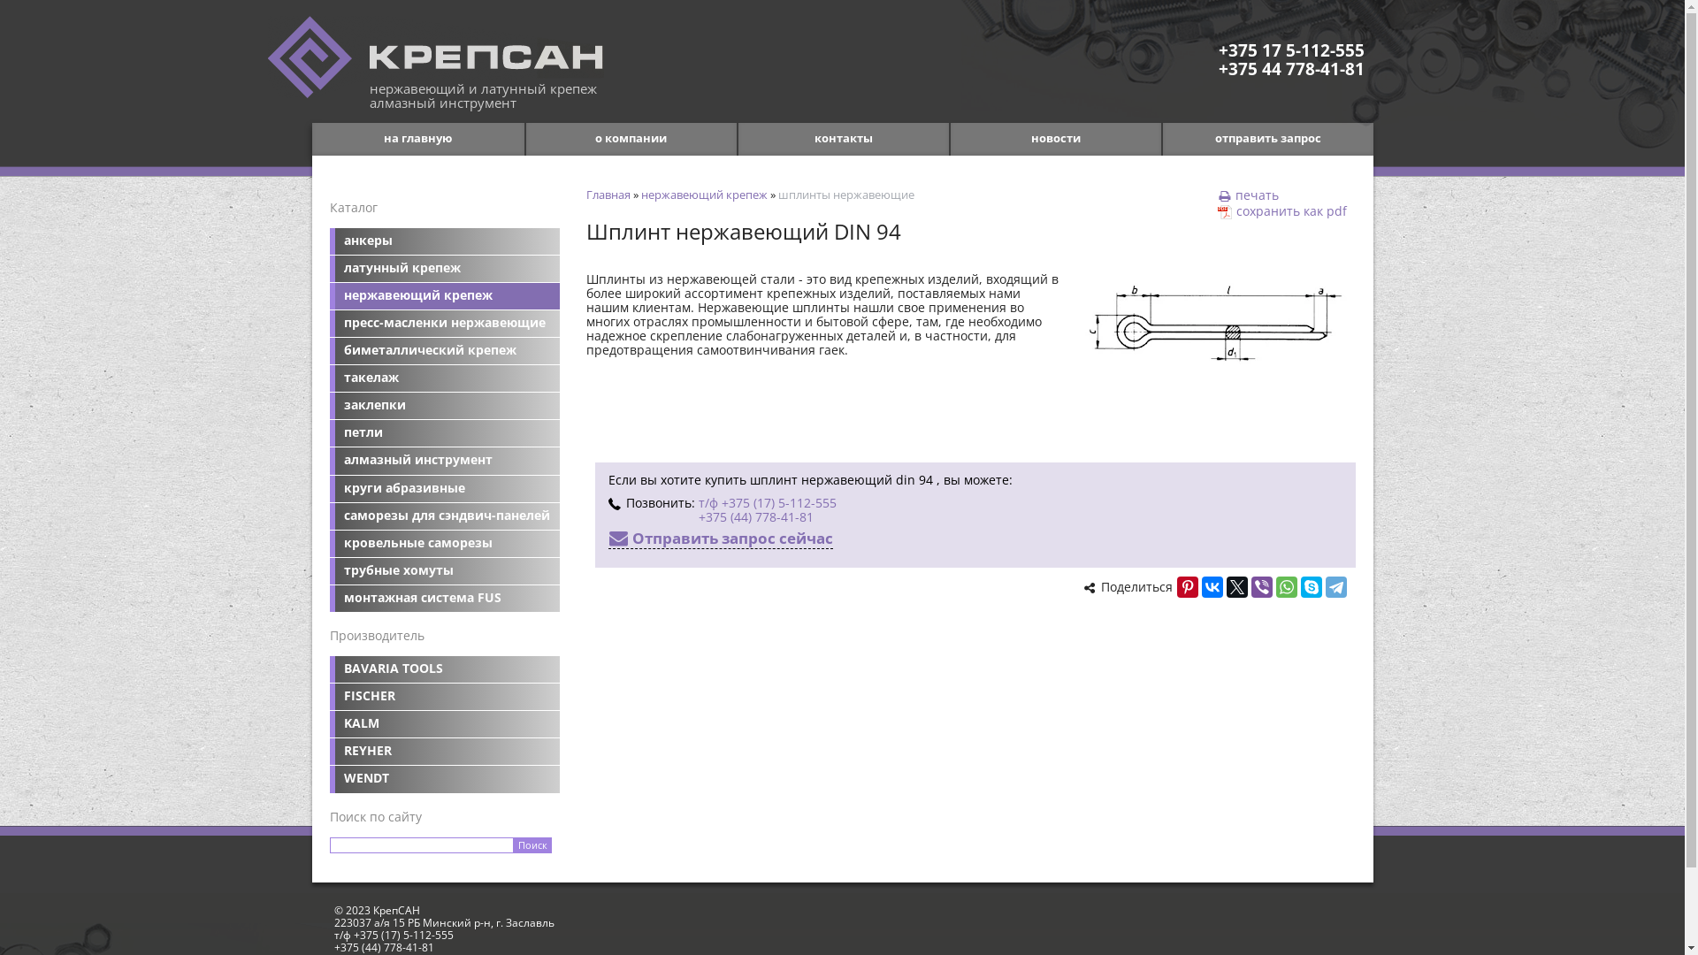 Image resolution: width=1698 pixels, height=955 pixels. What do you see at coordinates (444, 777) in the screenshot?
I see `'WENDT'` at bounding box center [444, 777].